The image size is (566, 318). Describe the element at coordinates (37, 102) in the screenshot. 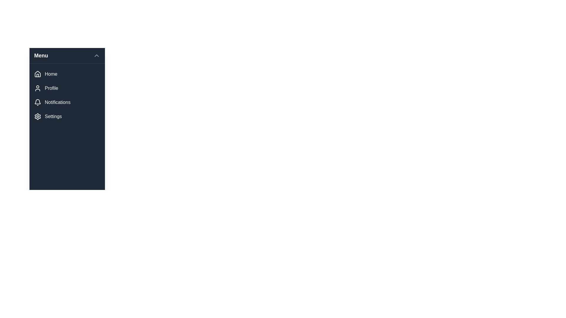

I see `the bell icon located in the left sidebar menu under the 'Notifications' option, which is the first element to the left of the 'Notifications' text` at that location.